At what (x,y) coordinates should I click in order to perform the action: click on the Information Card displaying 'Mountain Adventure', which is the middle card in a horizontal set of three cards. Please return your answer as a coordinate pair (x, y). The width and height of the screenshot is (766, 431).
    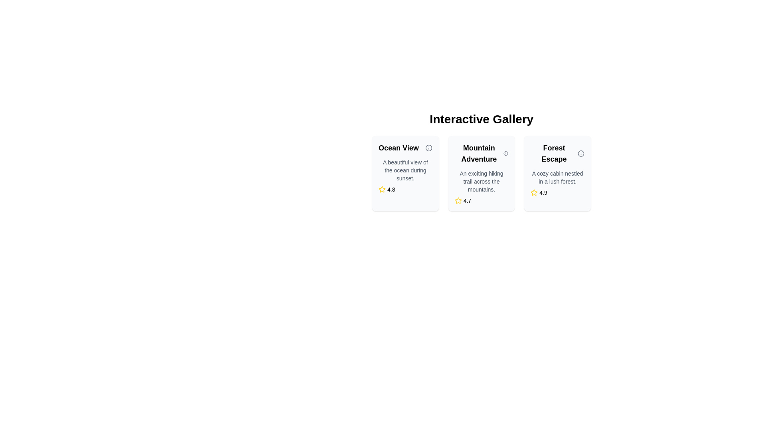
    Looking at the image, I should click on (481, 162).